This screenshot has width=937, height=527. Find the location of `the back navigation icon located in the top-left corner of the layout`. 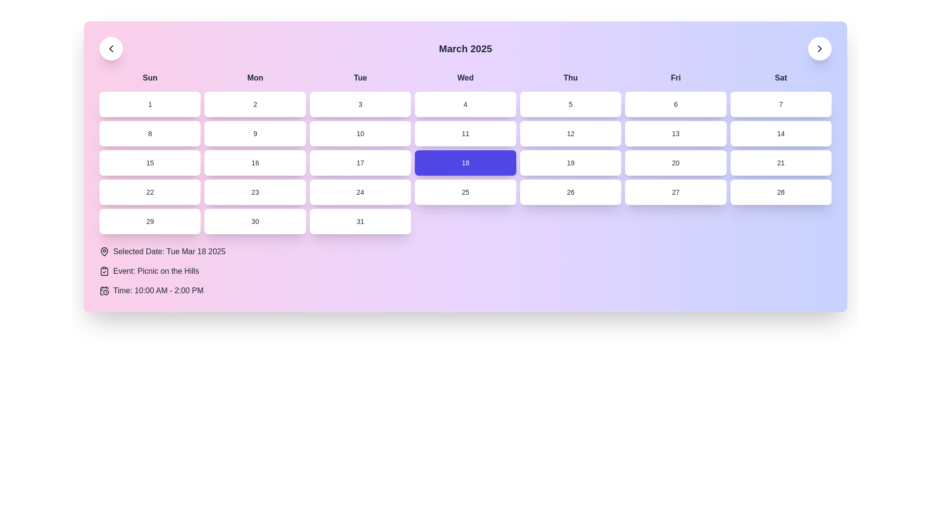

the back navigation icon located in the top-left corner of the layout is located at coordinates (111, 49).